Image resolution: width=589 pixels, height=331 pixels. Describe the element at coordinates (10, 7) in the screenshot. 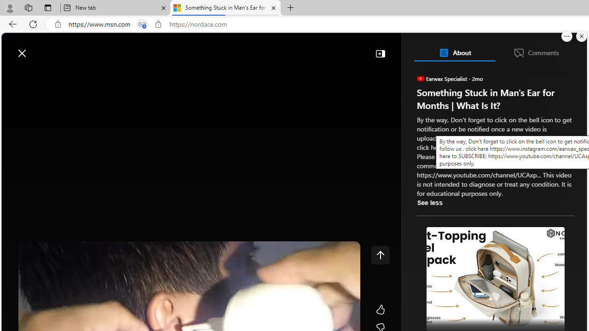

I see `'Personal Profile'` at that location.